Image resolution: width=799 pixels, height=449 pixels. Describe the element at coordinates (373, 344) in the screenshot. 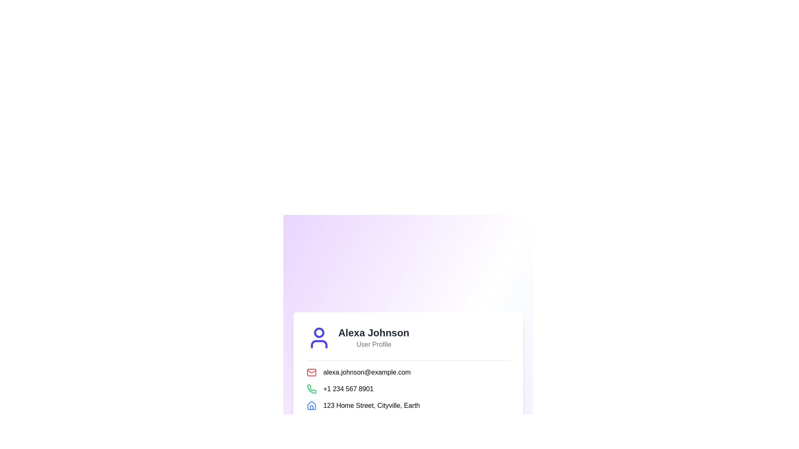

I see `the 'User Profile' text label, which is styled in gray and positioned below the 'Alexa Johnson' text within a card-like structure` at that location.